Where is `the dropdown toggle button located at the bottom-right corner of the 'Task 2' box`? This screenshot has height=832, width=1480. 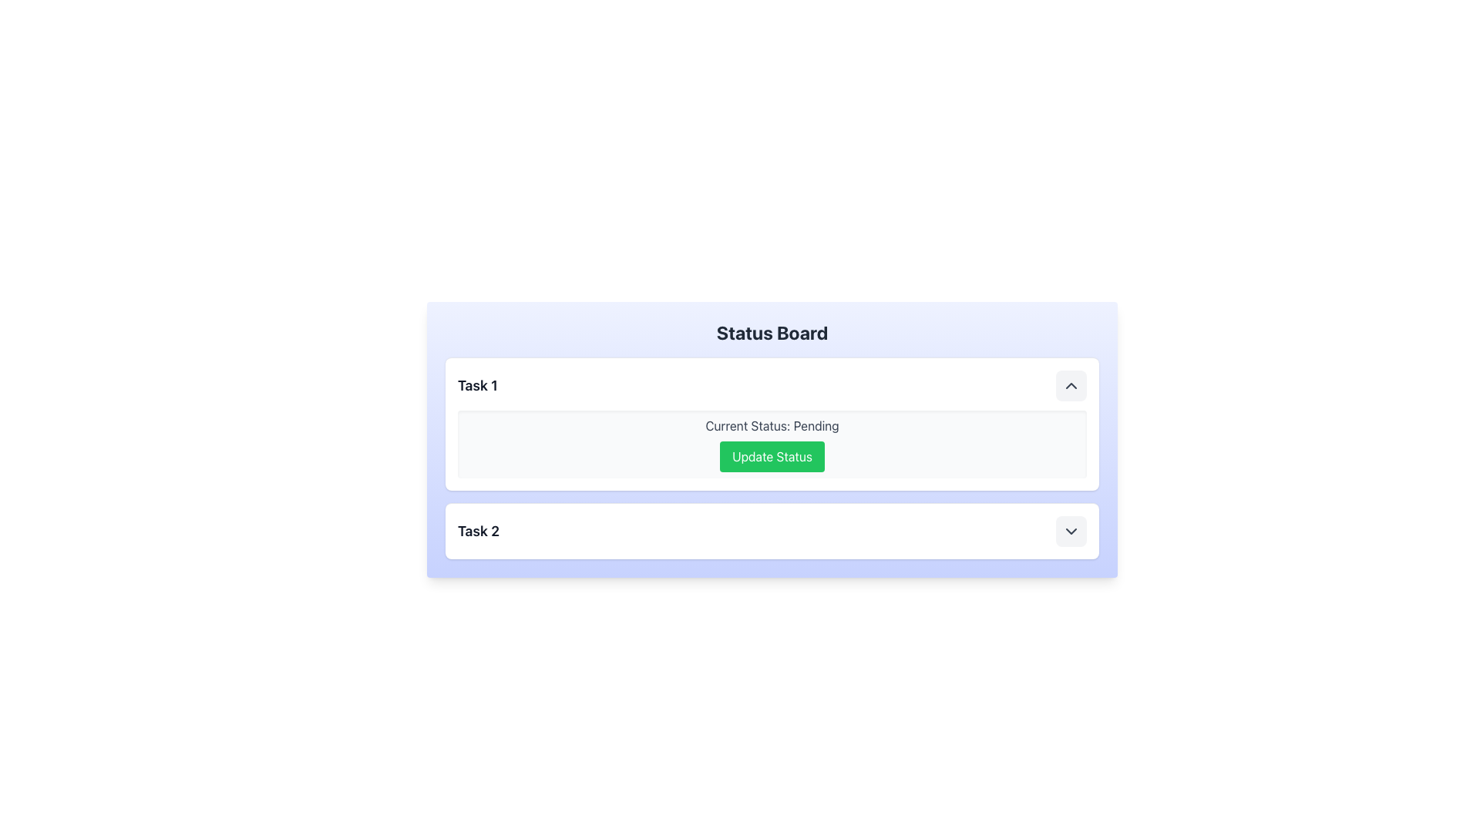 the dropdown toggle button located at the bottom-right corner of the 'Task 2' box is located at coordinates (1071, 531).